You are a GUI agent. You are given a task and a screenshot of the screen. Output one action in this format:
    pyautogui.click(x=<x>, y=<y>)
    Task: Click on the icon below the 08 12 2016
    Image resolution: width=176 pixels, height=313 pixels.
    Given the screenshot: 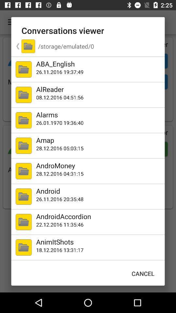 What is the action you would take?
    pyautogui.click(x=99, y=114)
    